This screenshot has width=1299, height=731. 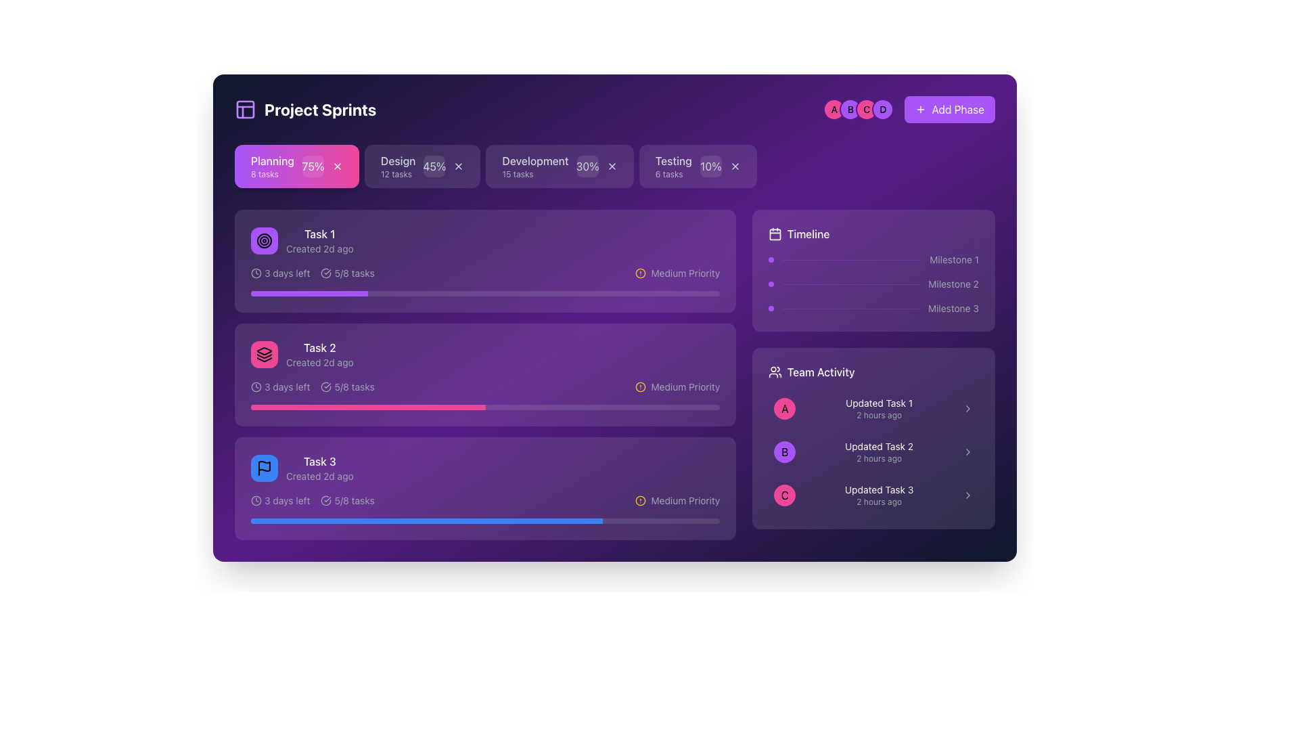 I want to click on percentage value displayed in the text-based progress indicator located in the Development section, which is the third component in the top bar, so click(x=587, y=166).